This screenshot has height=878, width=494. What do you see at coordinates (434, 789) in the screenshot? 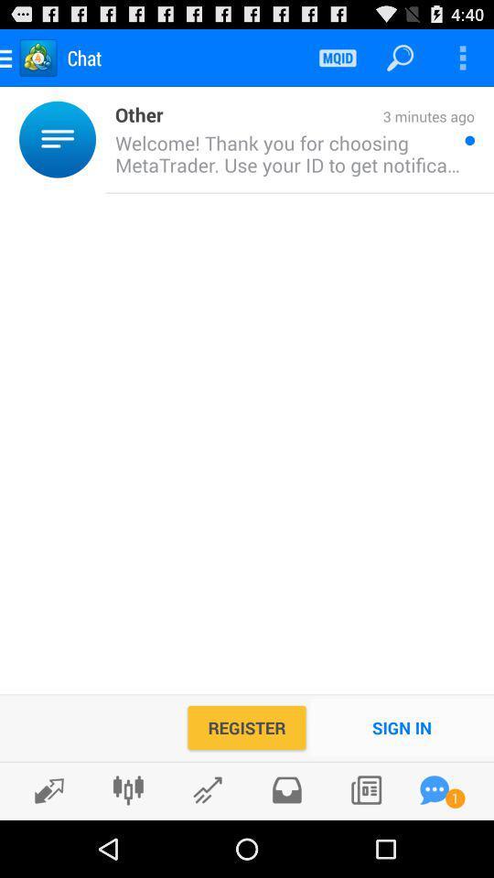
I see `message box` at bounding box center [434, 789].